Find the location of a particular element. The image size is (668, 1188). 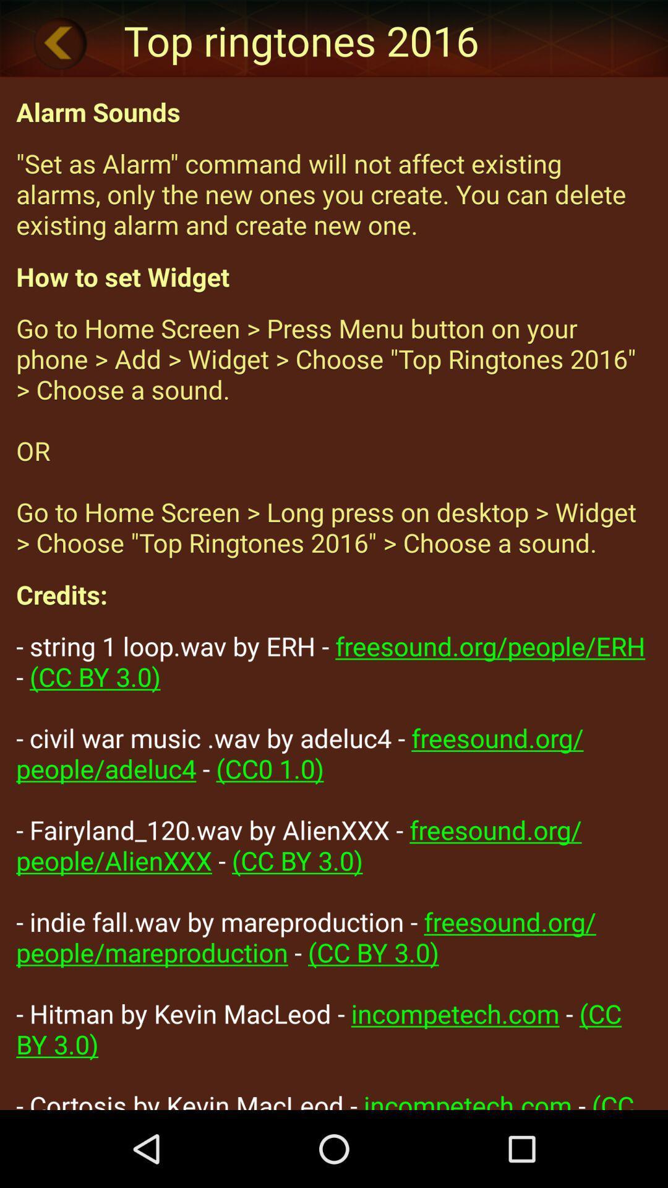

the string 1 loop item is located at coordinates (334, 868).